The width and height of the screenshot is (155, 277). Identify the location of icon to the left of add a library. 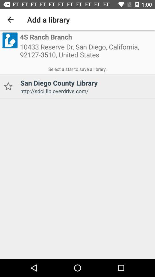
(10, 20).